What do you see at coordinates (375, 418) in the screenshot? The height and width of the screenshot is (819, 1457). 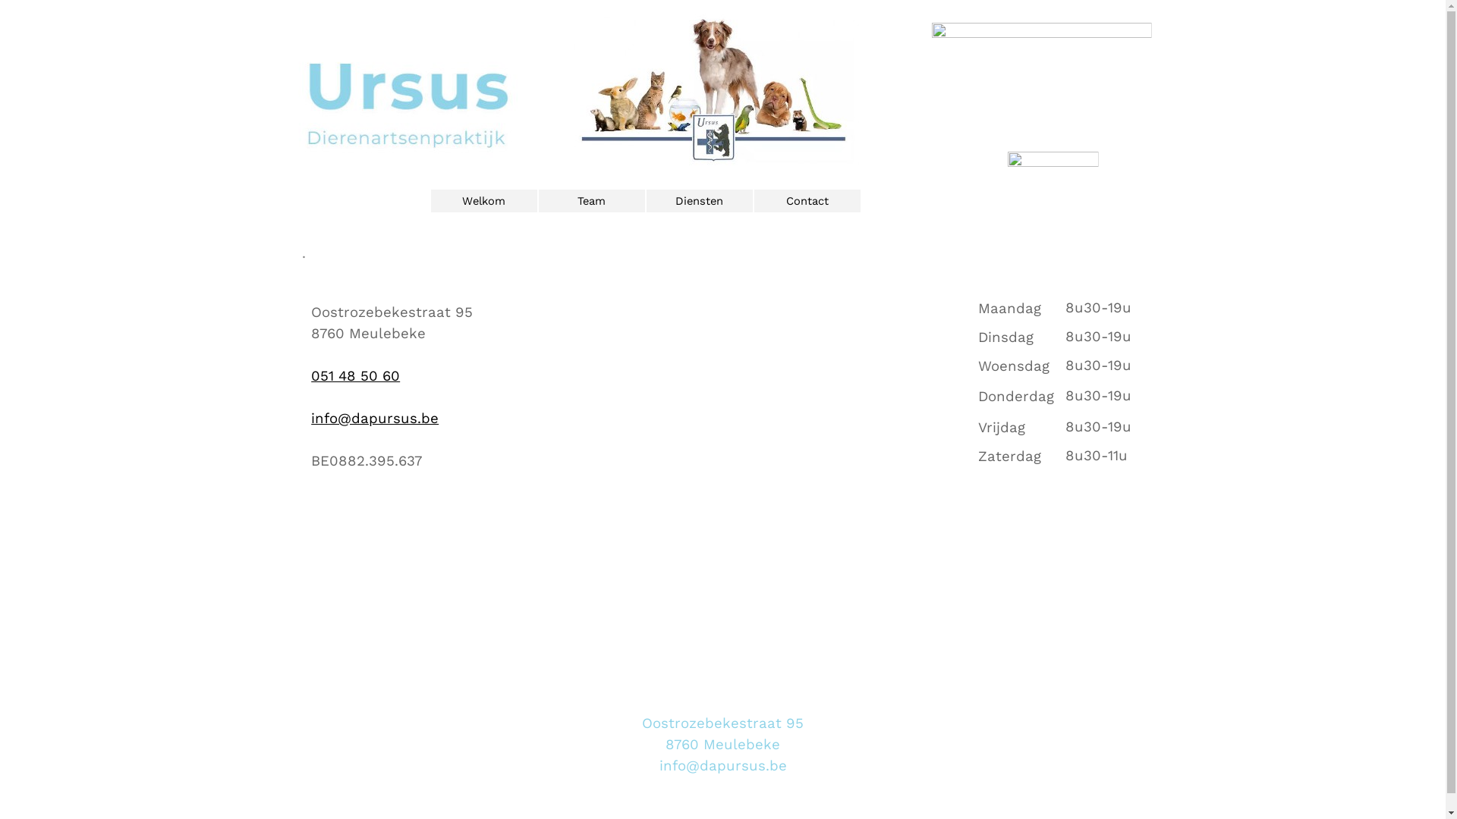 I see `'info@dapursus.be'` at bounding box center [375, 418].